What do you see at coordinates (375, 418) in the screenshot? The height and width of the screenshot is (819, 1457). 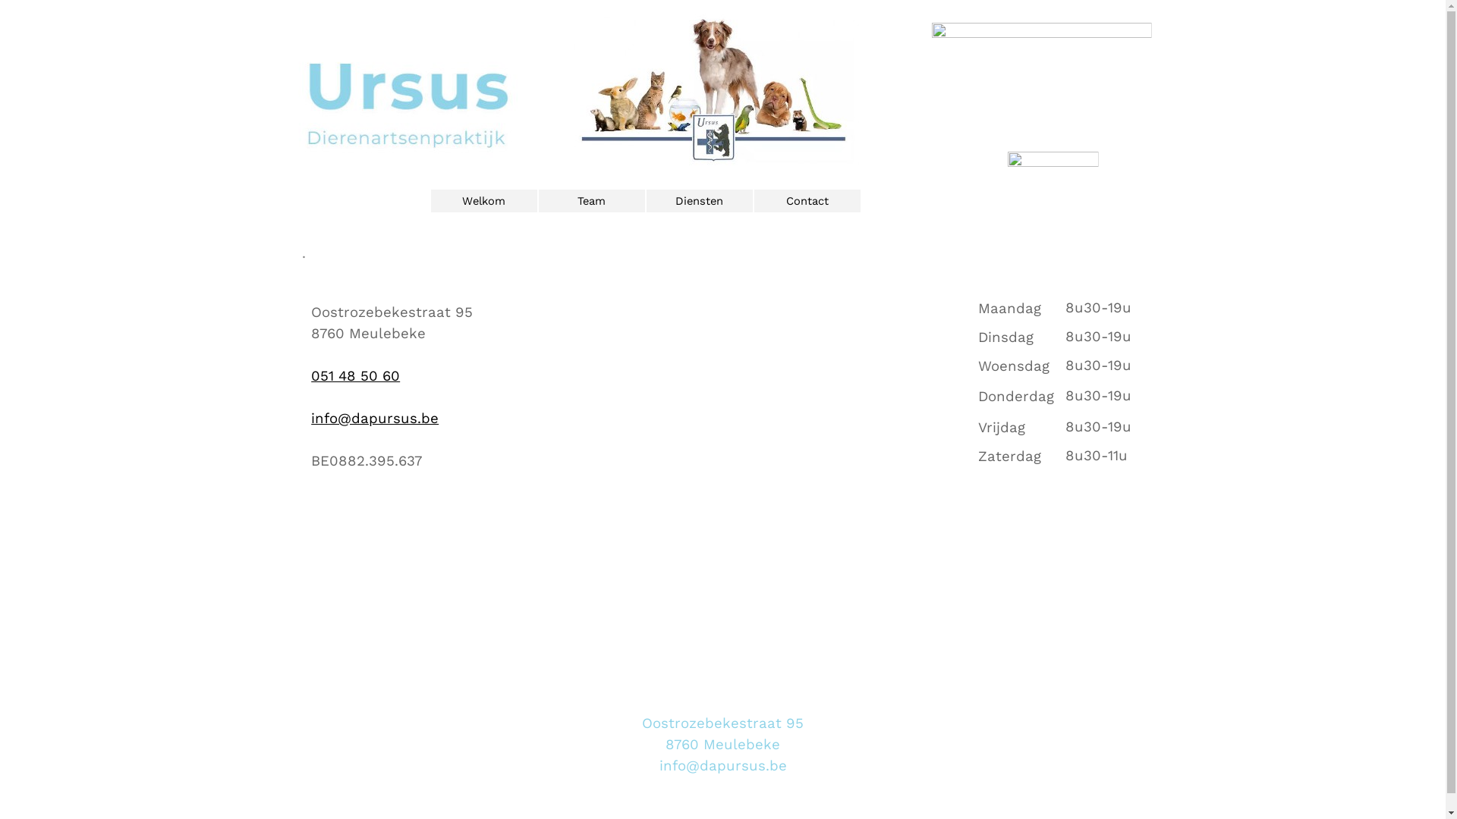 I see `'info@dapursus.be'` at bounding box center [375, 418].